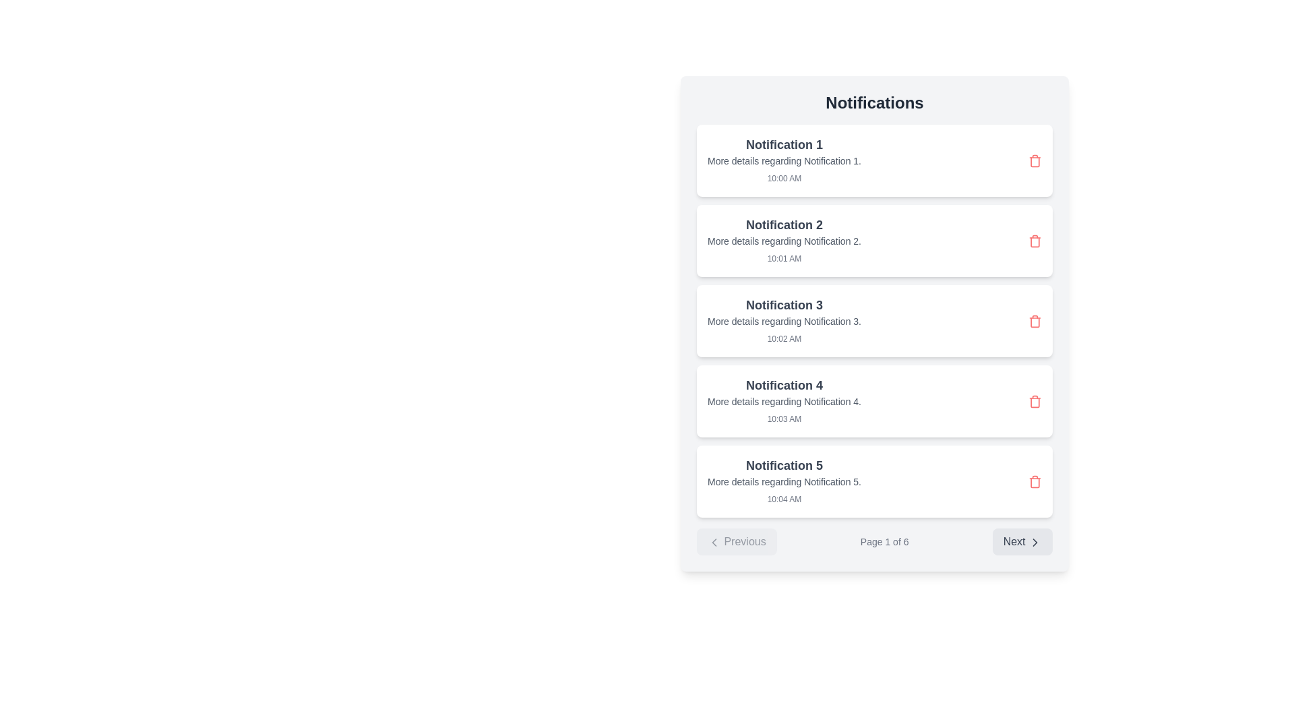  Describe the element at coordinates (884, 541) in the screenshot. I see `the text label displaying 'Page 1 of 6', which is styled in a small gray font and located centrally between the 'Previous' and 'Next' navigation buttons at the bottom of the interface` at that location.